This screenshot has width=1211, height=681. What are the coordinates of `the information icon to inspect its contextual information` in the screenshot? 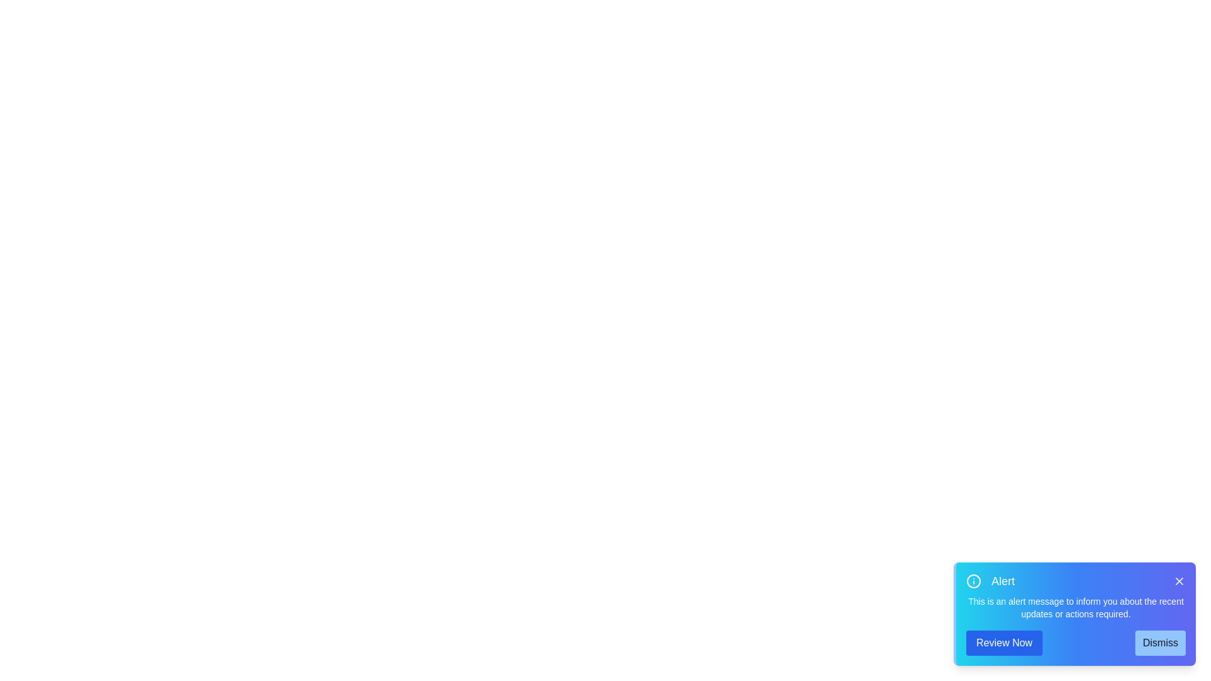 It's located at (973, 581).